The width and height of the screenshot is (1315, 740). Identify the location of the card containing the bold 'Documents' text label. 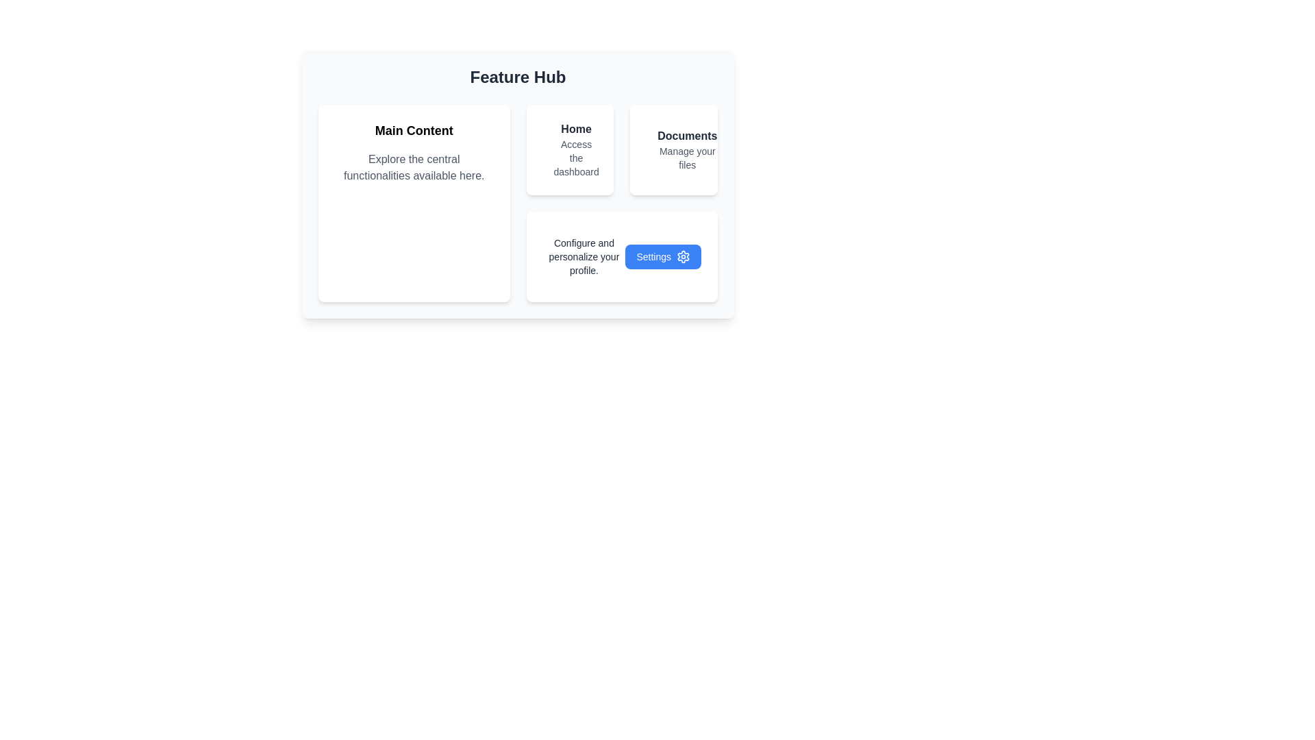
(687, 136).